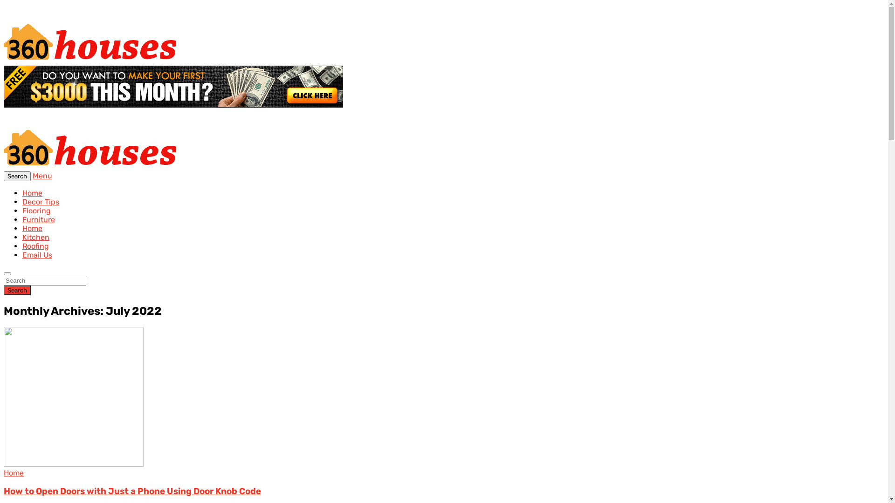 The image size is (895, 503). I want to click on 'Search', so click(17, 176).